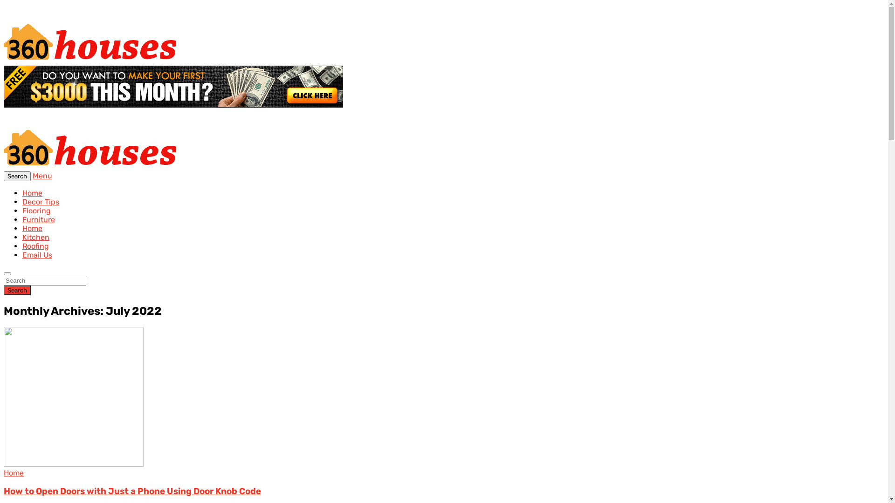 The image size is (895, 503). I want to click on 'Search', so click(17, 176).